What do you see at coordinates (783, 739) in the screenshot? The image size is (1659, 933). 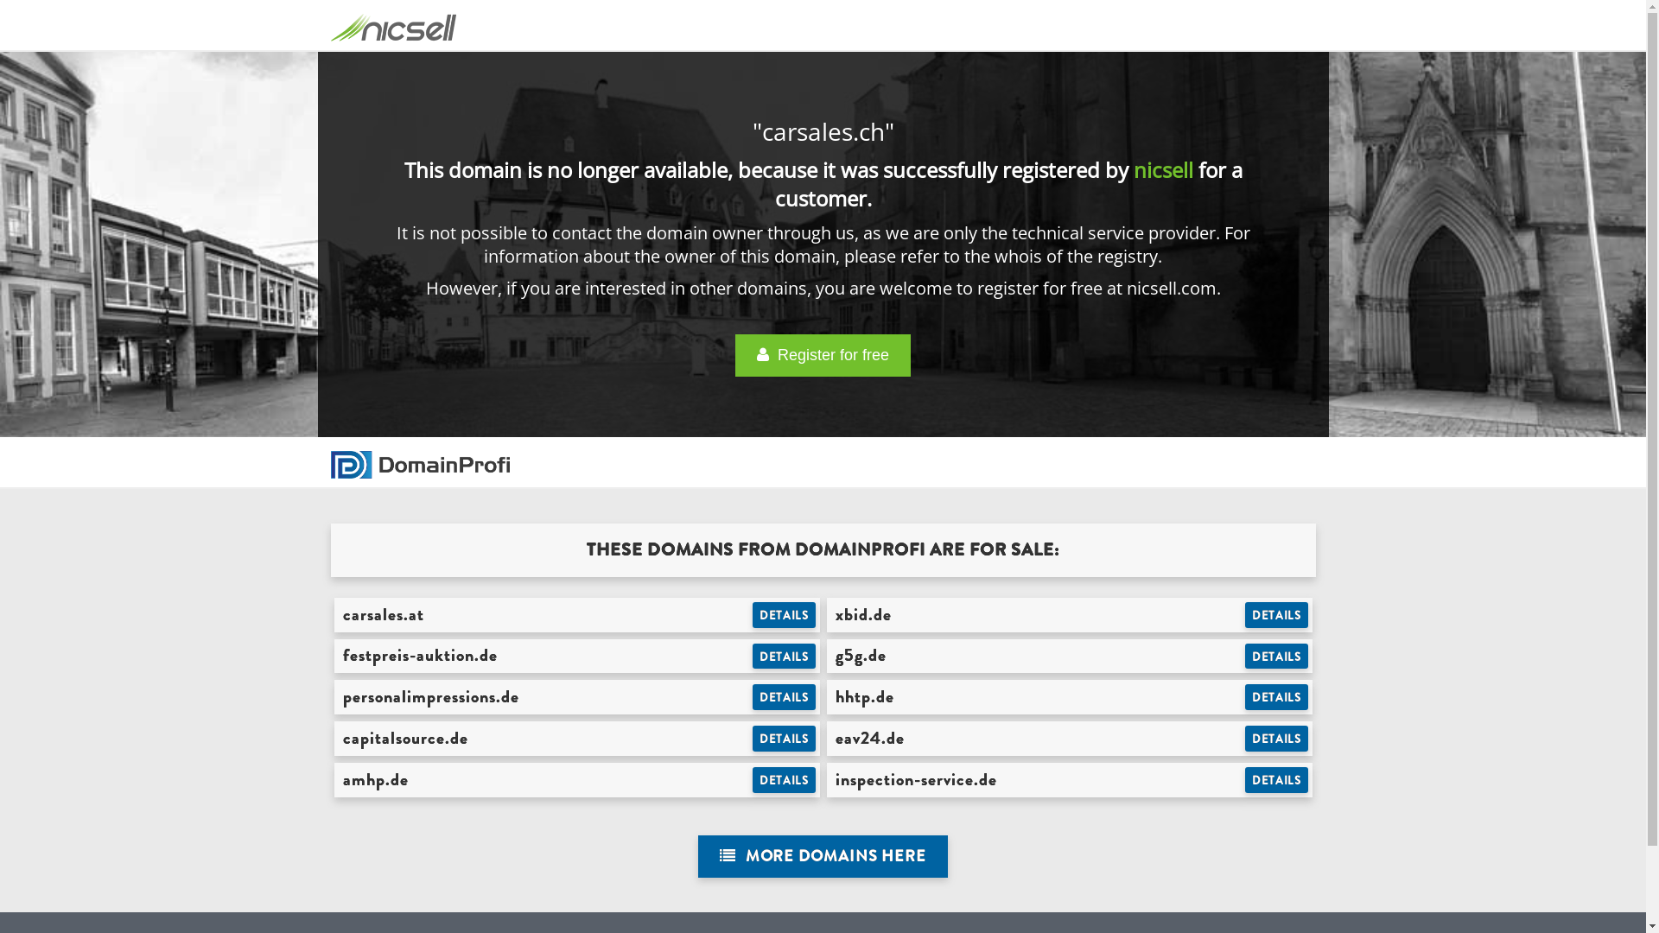 I see `'DETAILS'` at bounding box center [783, 739].